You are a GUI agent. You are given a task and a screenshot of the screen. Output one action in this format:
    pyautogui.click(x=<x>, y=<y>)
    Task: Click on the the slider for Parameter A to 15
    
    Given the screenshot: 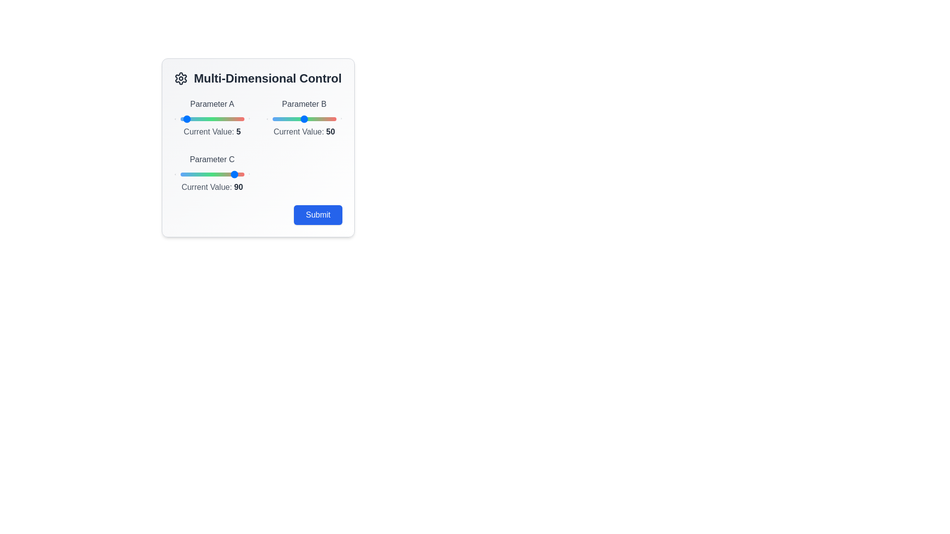 What is the action you would take?
    pyautogui.click(x=190, y=118)
    